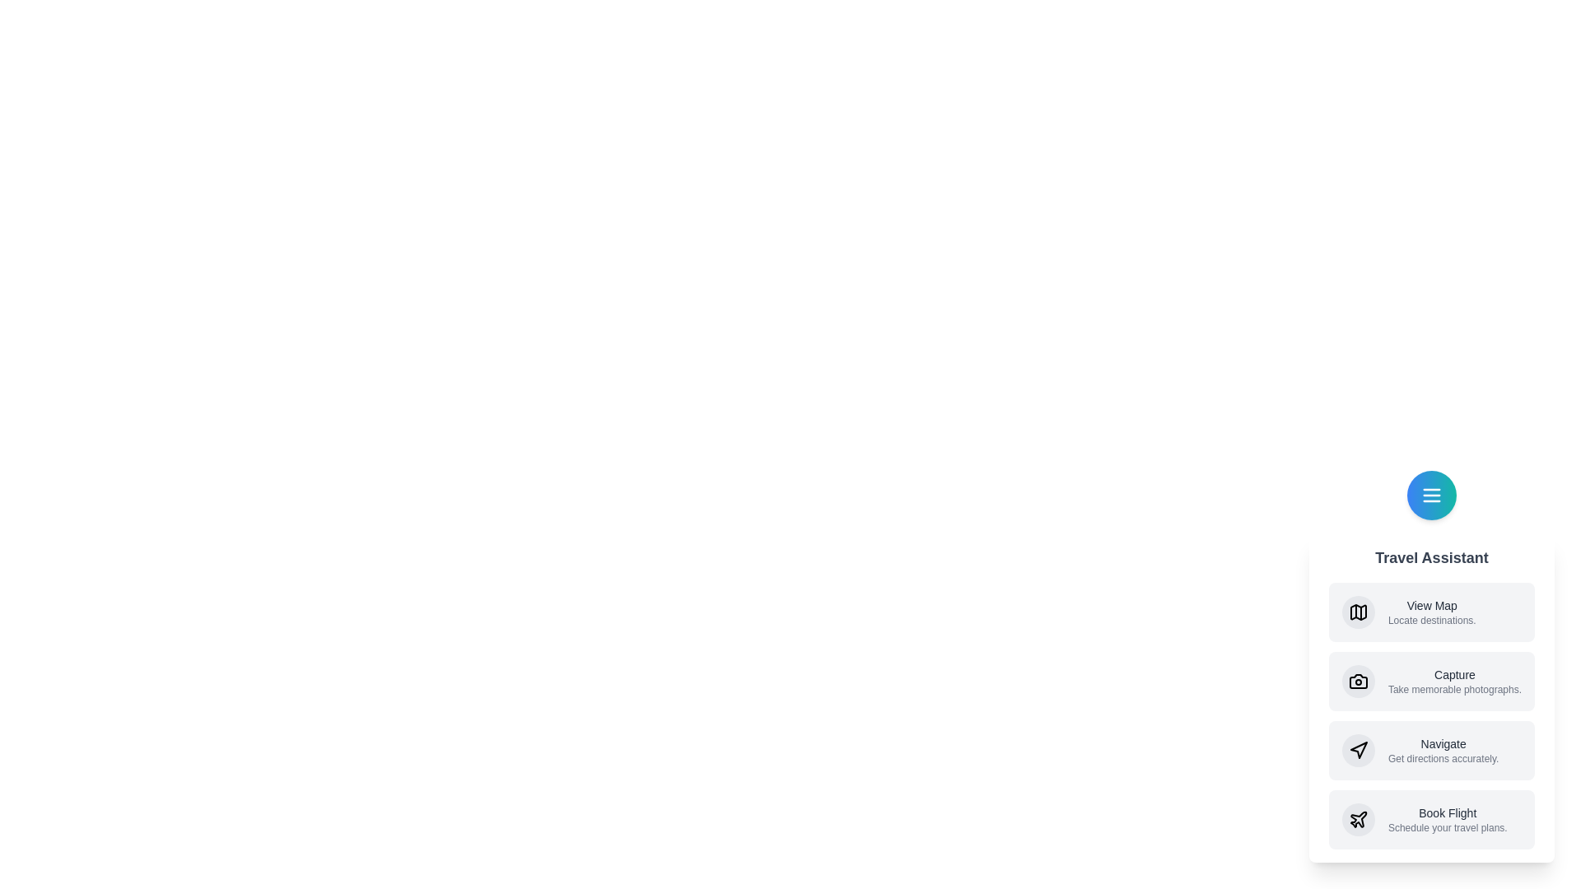  I want to click on the 'Capture' option in the Travel Assistant Speed Dial, so click(1430, 682).